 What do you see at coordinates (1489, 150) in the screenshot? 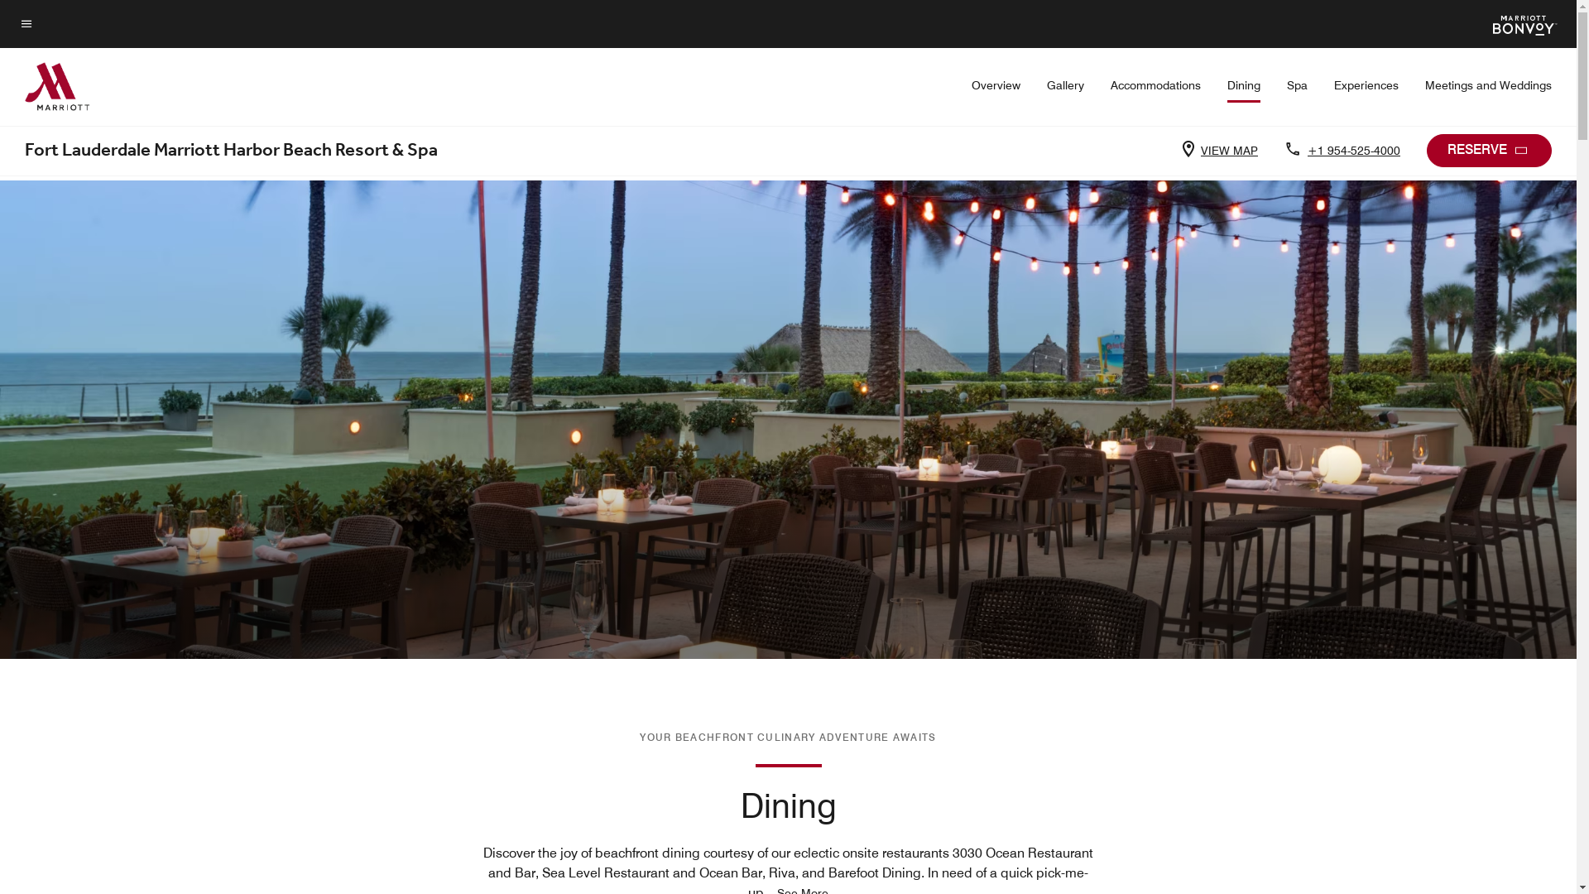
I see `'RESERVE'` at bounding box center [1489, 150].